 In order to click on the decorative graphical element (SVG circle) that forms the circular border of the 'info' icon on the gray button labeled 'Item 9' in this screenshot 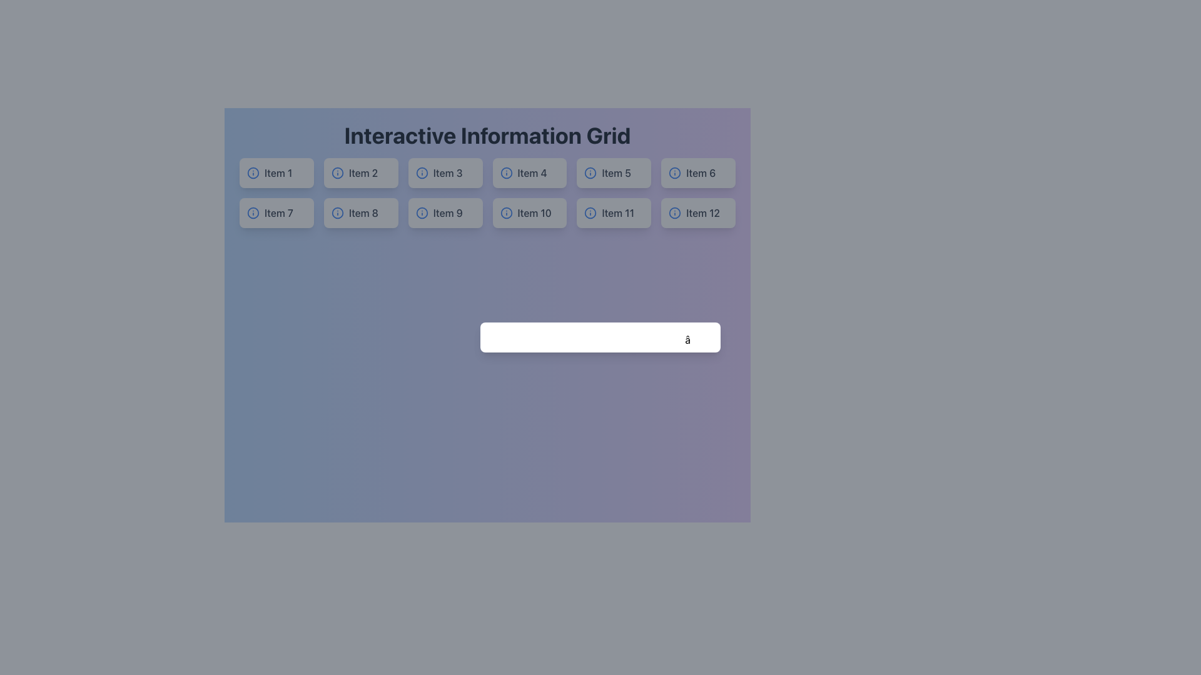, I will do `click(422, 212)`.